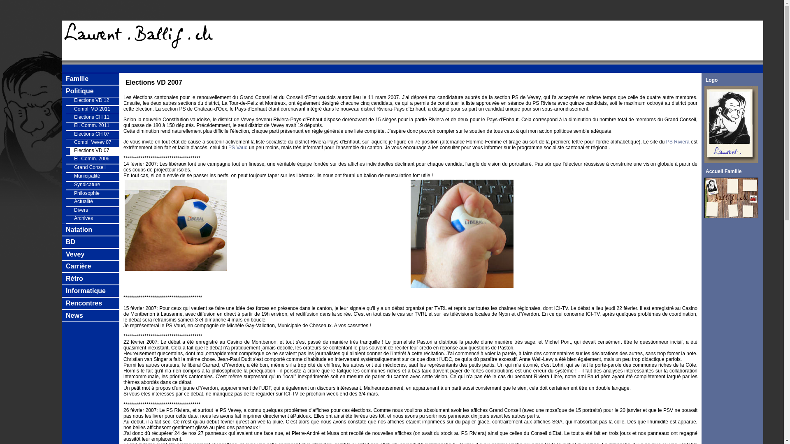 The image size is (790, 444). I want to click on 'Elections CH 11', so click(95, 118).